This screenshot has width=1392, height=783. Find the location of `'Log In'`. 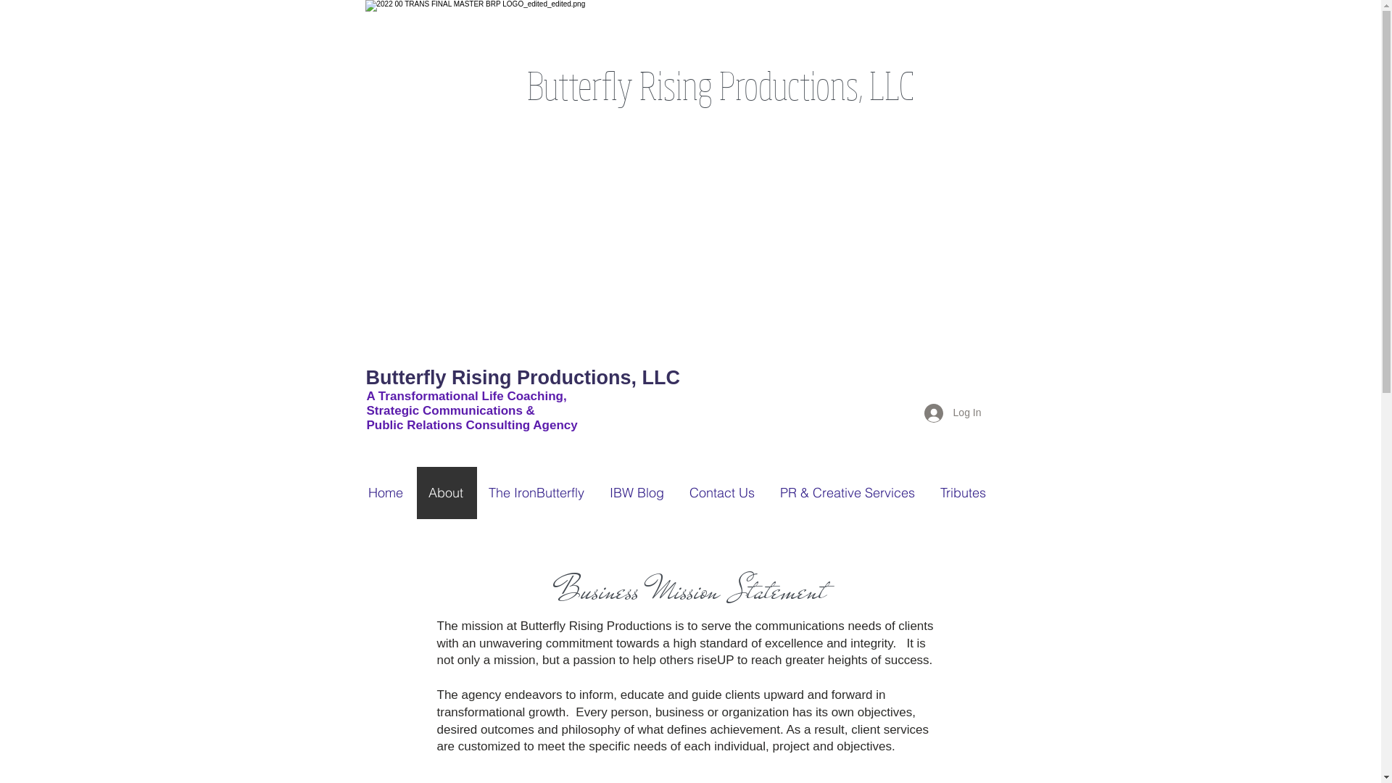

'Log In' is located at coordinates (913, 413).